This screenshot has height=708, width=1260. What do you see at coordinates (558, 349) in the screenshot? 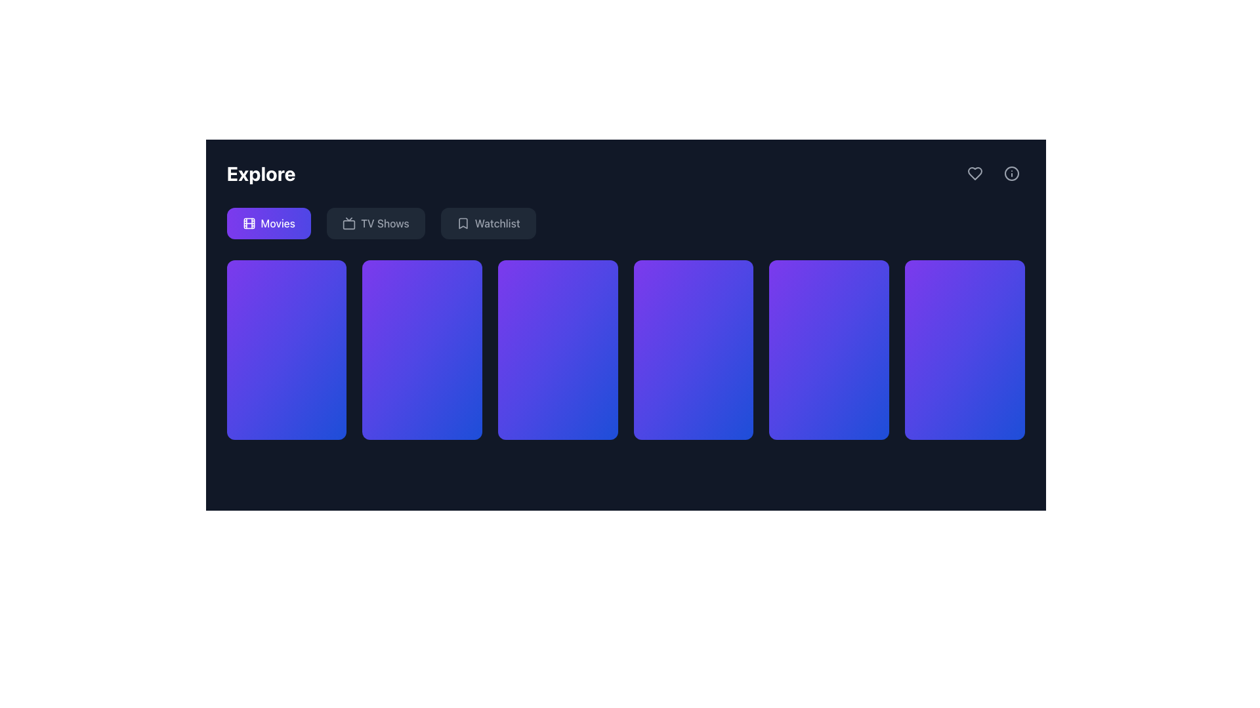
I see `the fourth clickable grid item with a gradient background transitioning from purple to blue, which is centrally located in the grid layout below the navigation tabs` at bounding box center [558, 349].